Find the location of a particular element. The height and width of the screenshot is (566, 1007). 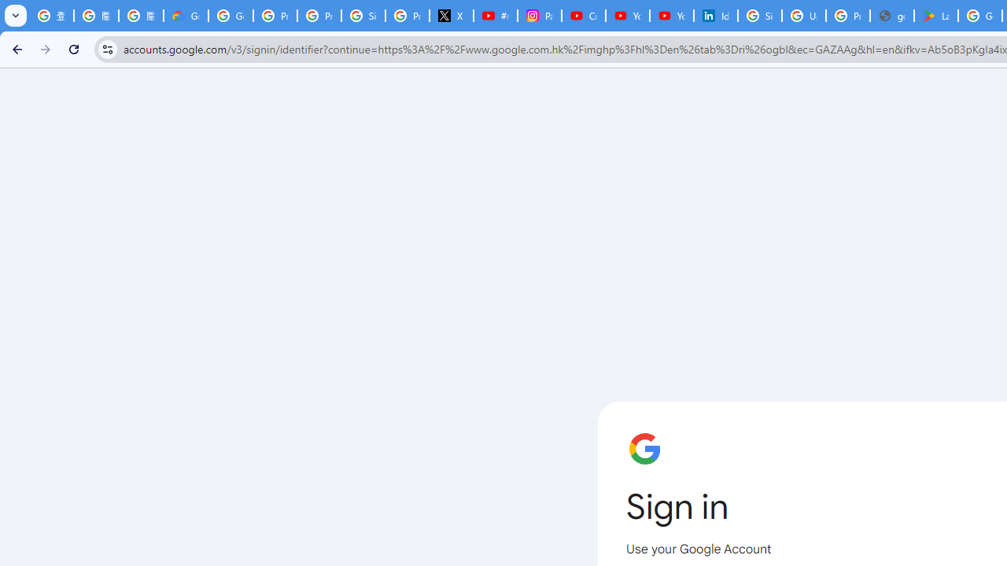

'Sign in - Google Accounts' is located at coordinates (760, 16).